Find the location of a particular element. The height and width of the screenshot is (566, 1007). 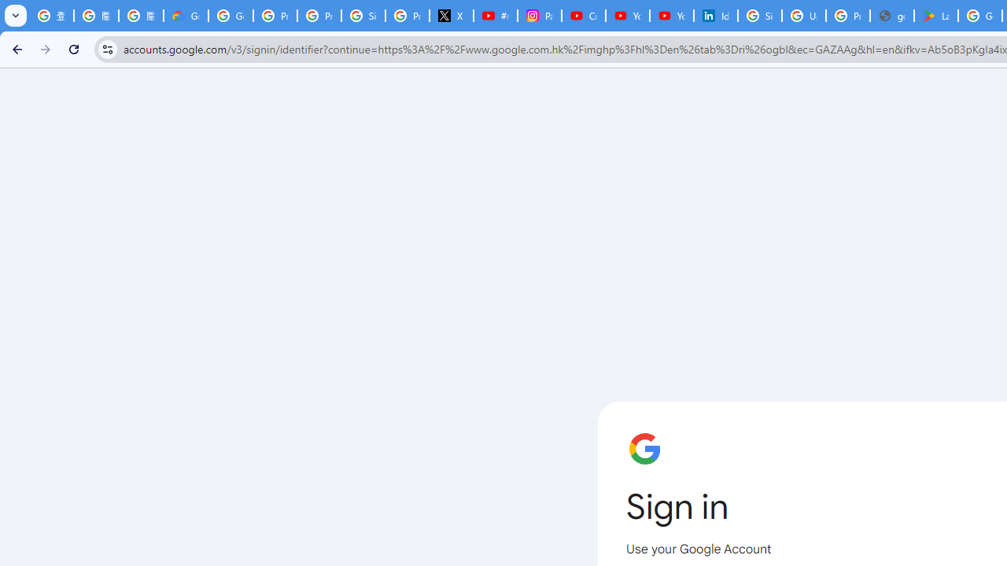

'Sign in - Google Accounts' is located at coordinates (760, 16).